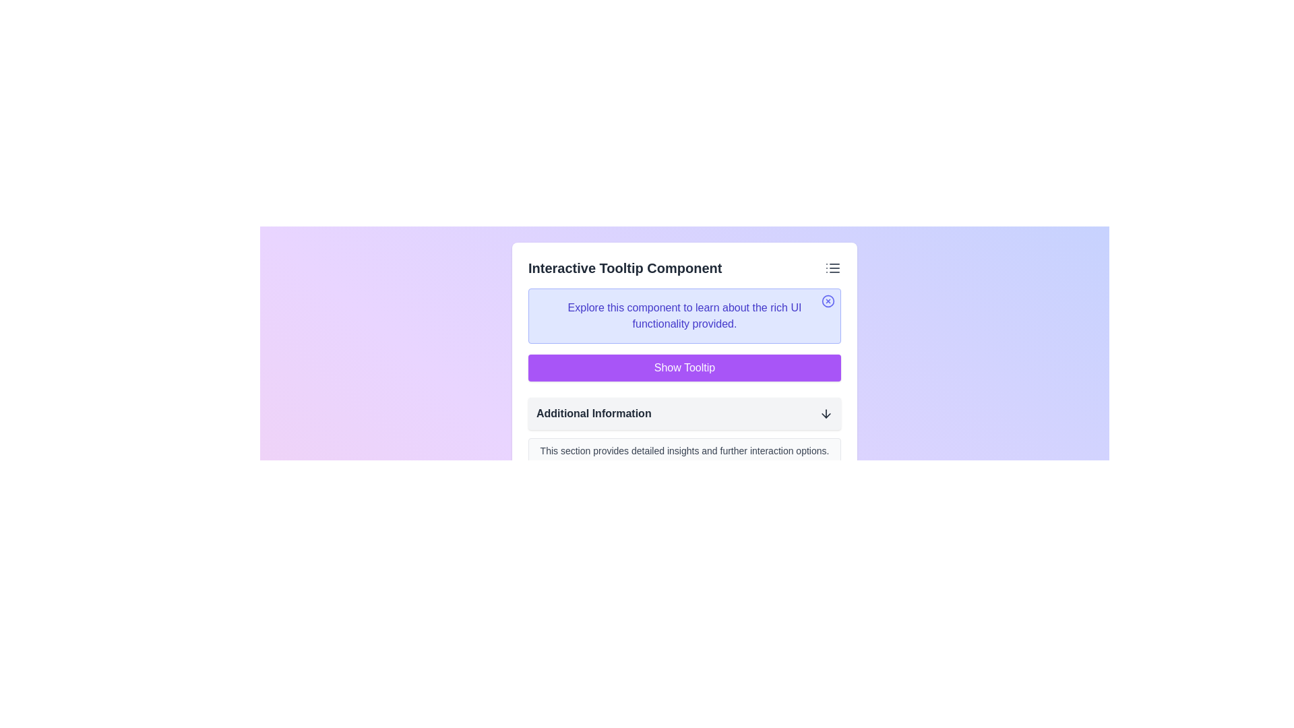  What do you see at coordinates (827, 301) in the screenshot?
I see `the circular graphical element (SVG-based) located in the upper-right corner of a tooltip box, which is the larger circular component surrounding a smaller cross-shaped element` at bounding box center [827, 301].